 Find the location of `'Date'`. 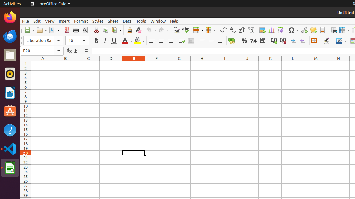

'Date' is located at coordinates (262, 40).